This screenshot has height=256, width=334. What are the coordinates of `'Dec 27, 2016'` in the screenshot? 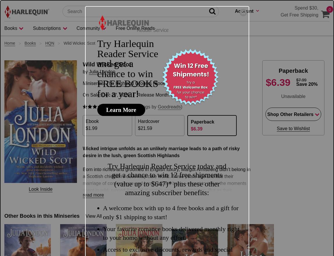 It's located at (116, 94).